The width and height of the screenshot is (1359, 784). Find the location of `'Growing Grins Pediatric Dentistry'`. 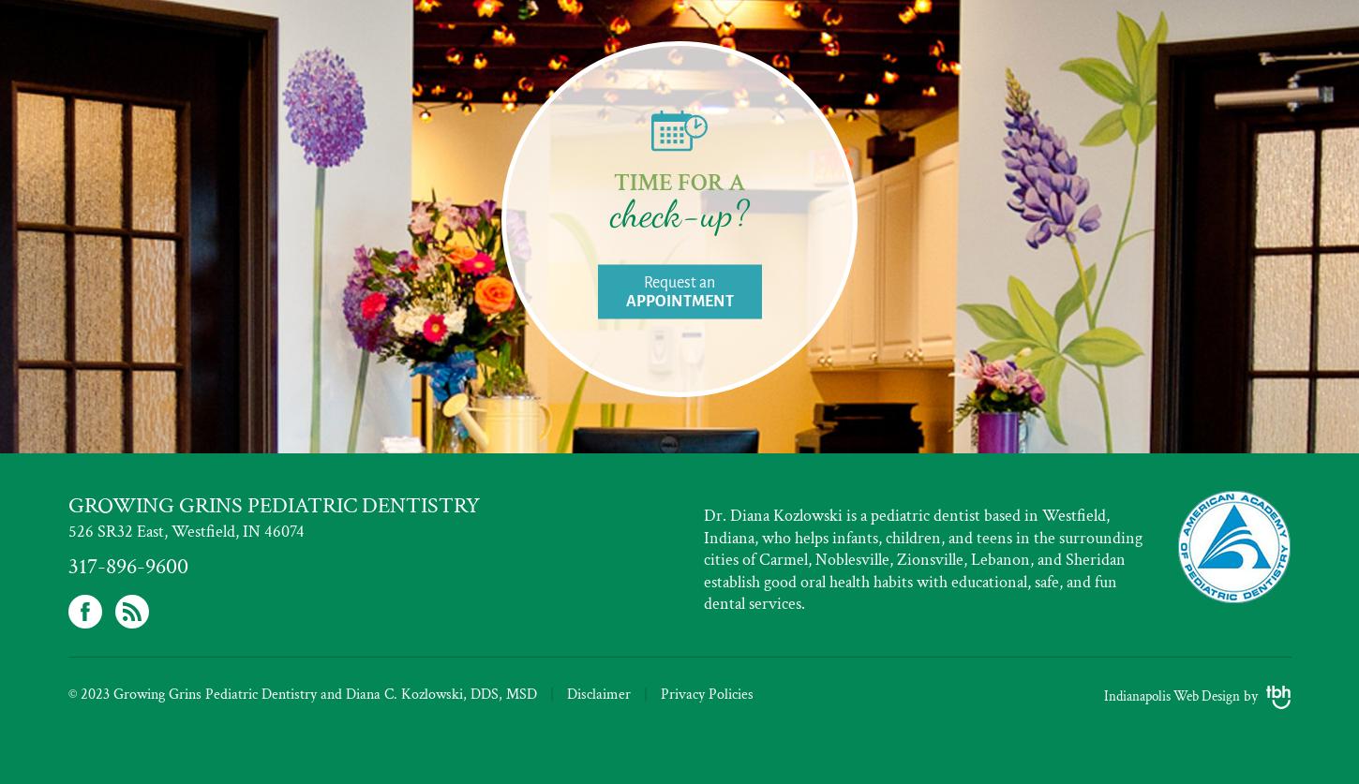

'Growing Grins Pediatric Dentistry' is located at coordinates (67, 504).